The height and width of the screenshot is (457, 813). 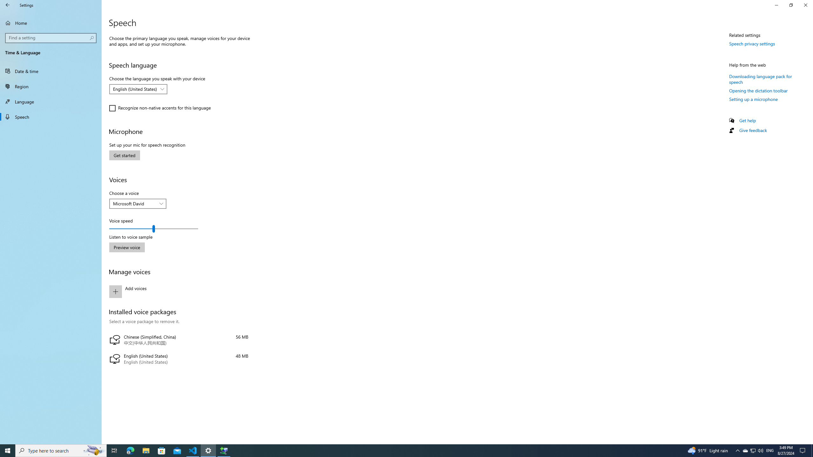 I want to click on 'Opening the dictation toolbar', so click(x=758, y=90).